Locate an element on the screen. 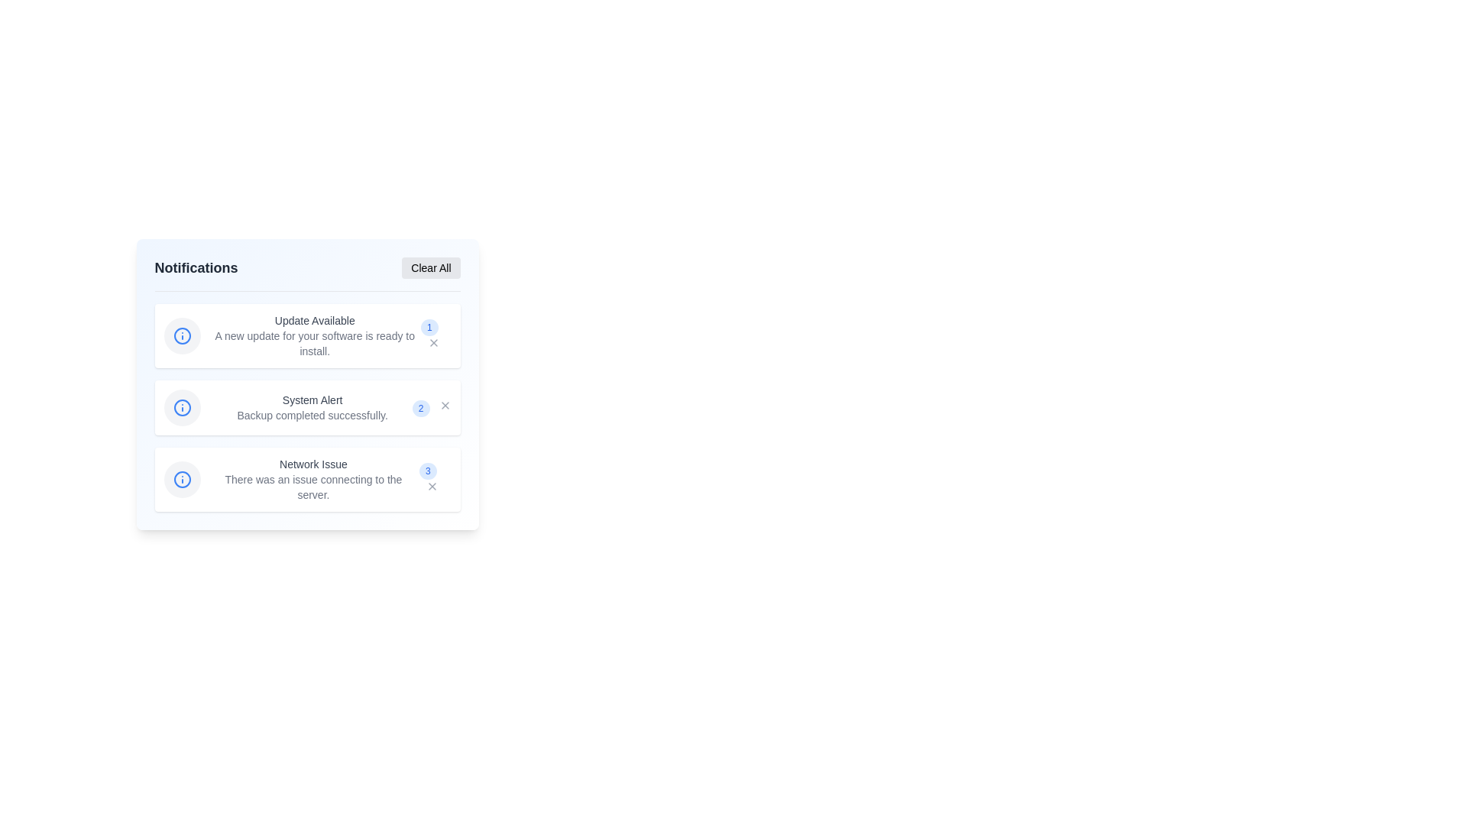  the informational notification icon located in the middle-left of the 'System Alert' notification row for additional details is located at coordinates (182, 406).